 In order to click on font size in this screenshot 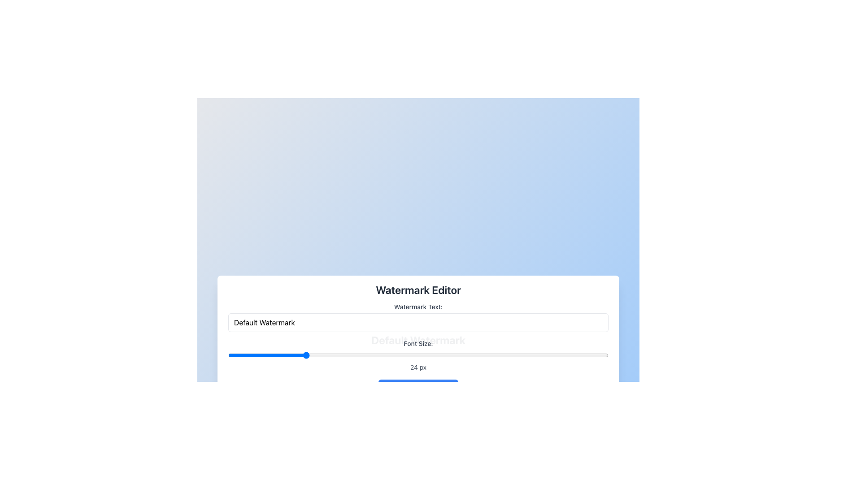, I will do `click(548, 355)`.